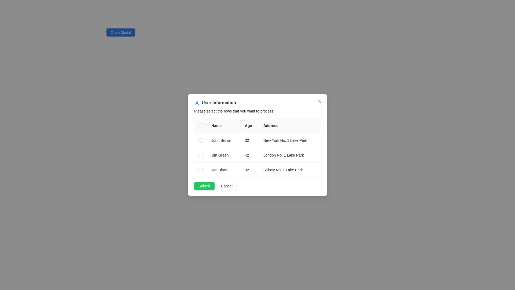 The width and height of the screenshot is (515, 290). What do you see at coordinates (120, 34) in the screenshot?
I see `the 'Open Modal' button, which has a blue background and white text` at bounding box center [120, 34].